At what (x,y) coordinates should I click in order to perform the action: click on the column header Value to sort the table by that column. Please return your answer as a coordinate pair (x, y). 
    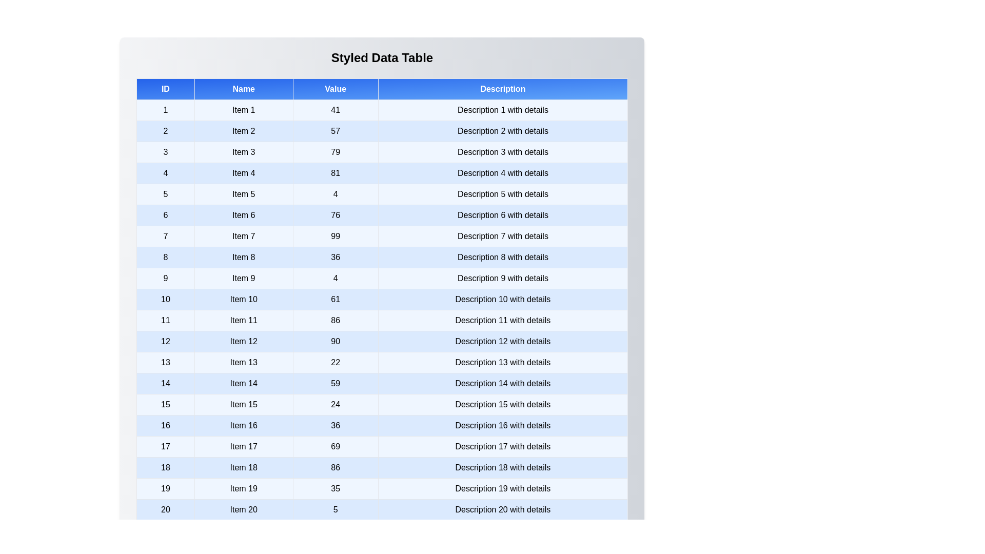
    Looking at the image, I should click on (336, 88).